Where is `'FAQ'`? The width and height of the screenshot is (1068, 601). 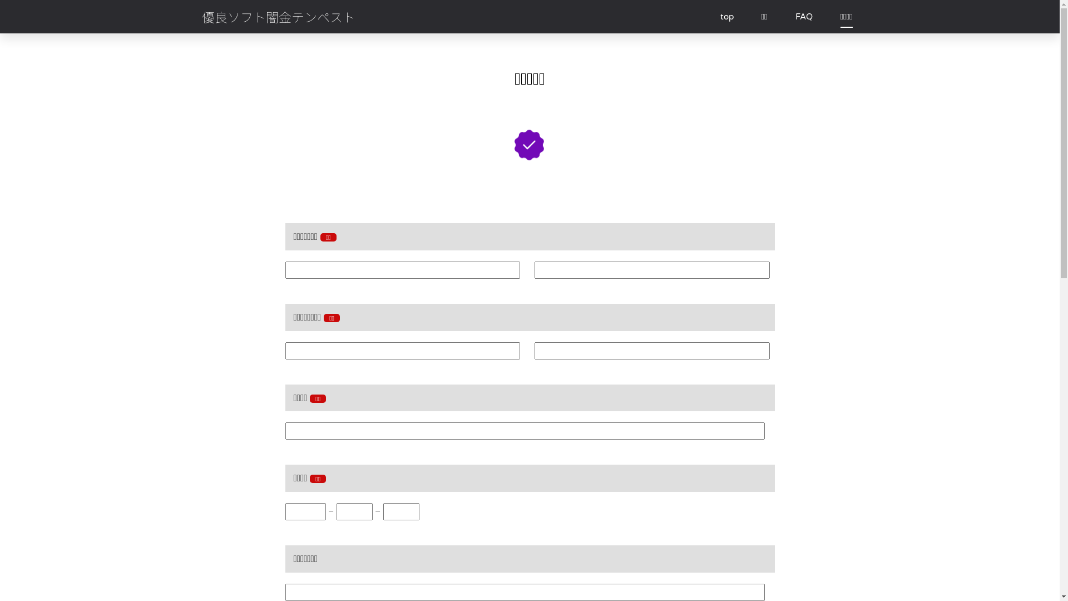 'FAQ' is located at coordinates (804, 17).